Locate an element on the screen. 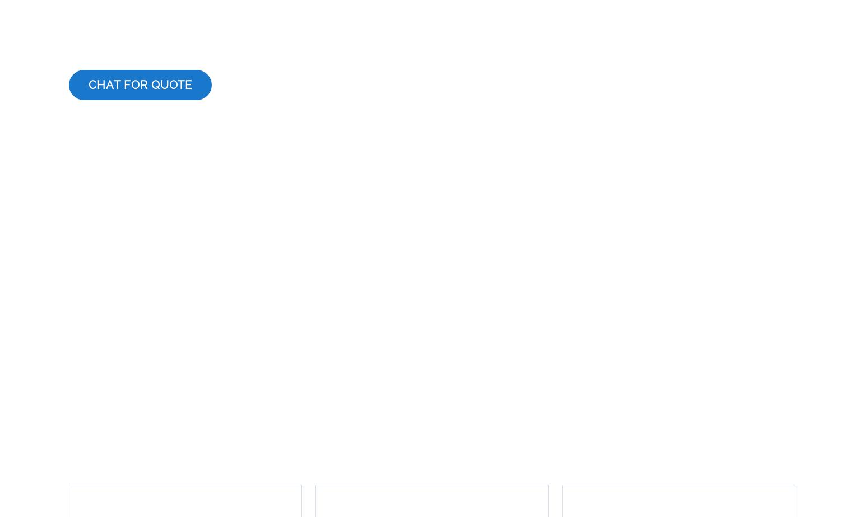 This screenshot has height=517, width=864. 'Terms and Conditions' is located at coordinates (245, 454).